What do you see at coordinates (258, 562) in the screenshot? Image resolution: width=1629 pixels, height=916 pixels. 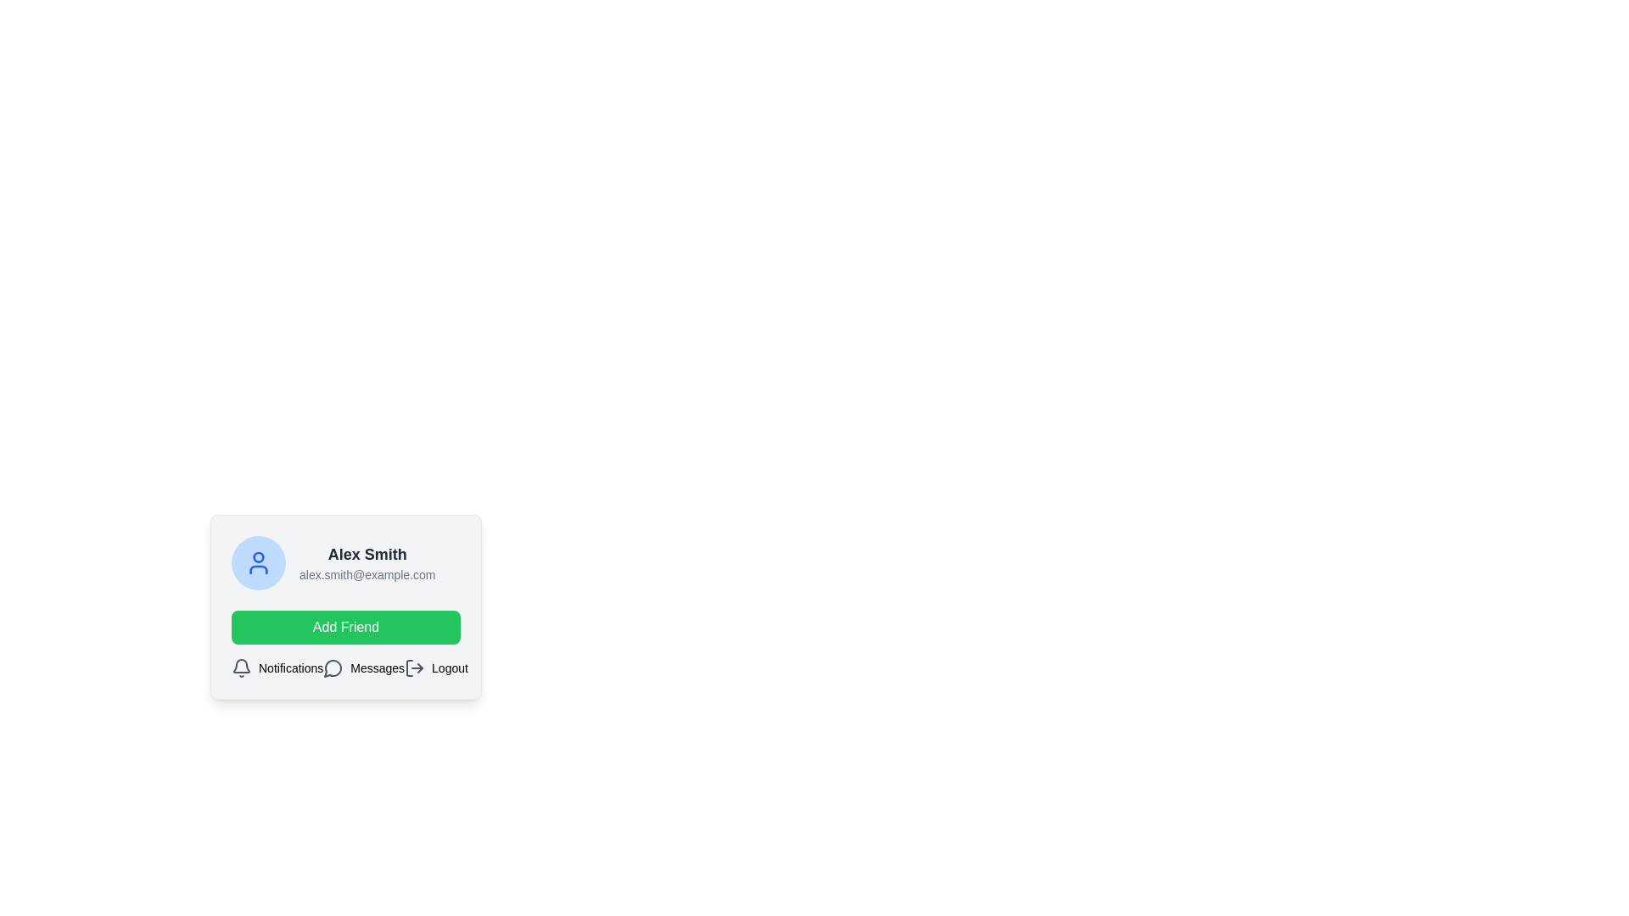 I see `the circular icon with a light blue background and a person-shaped symbol in blue, located to the left of the text displaying 'Alex Smith' and 'alex.smith@example.com'` at bounding box center [258, 562].